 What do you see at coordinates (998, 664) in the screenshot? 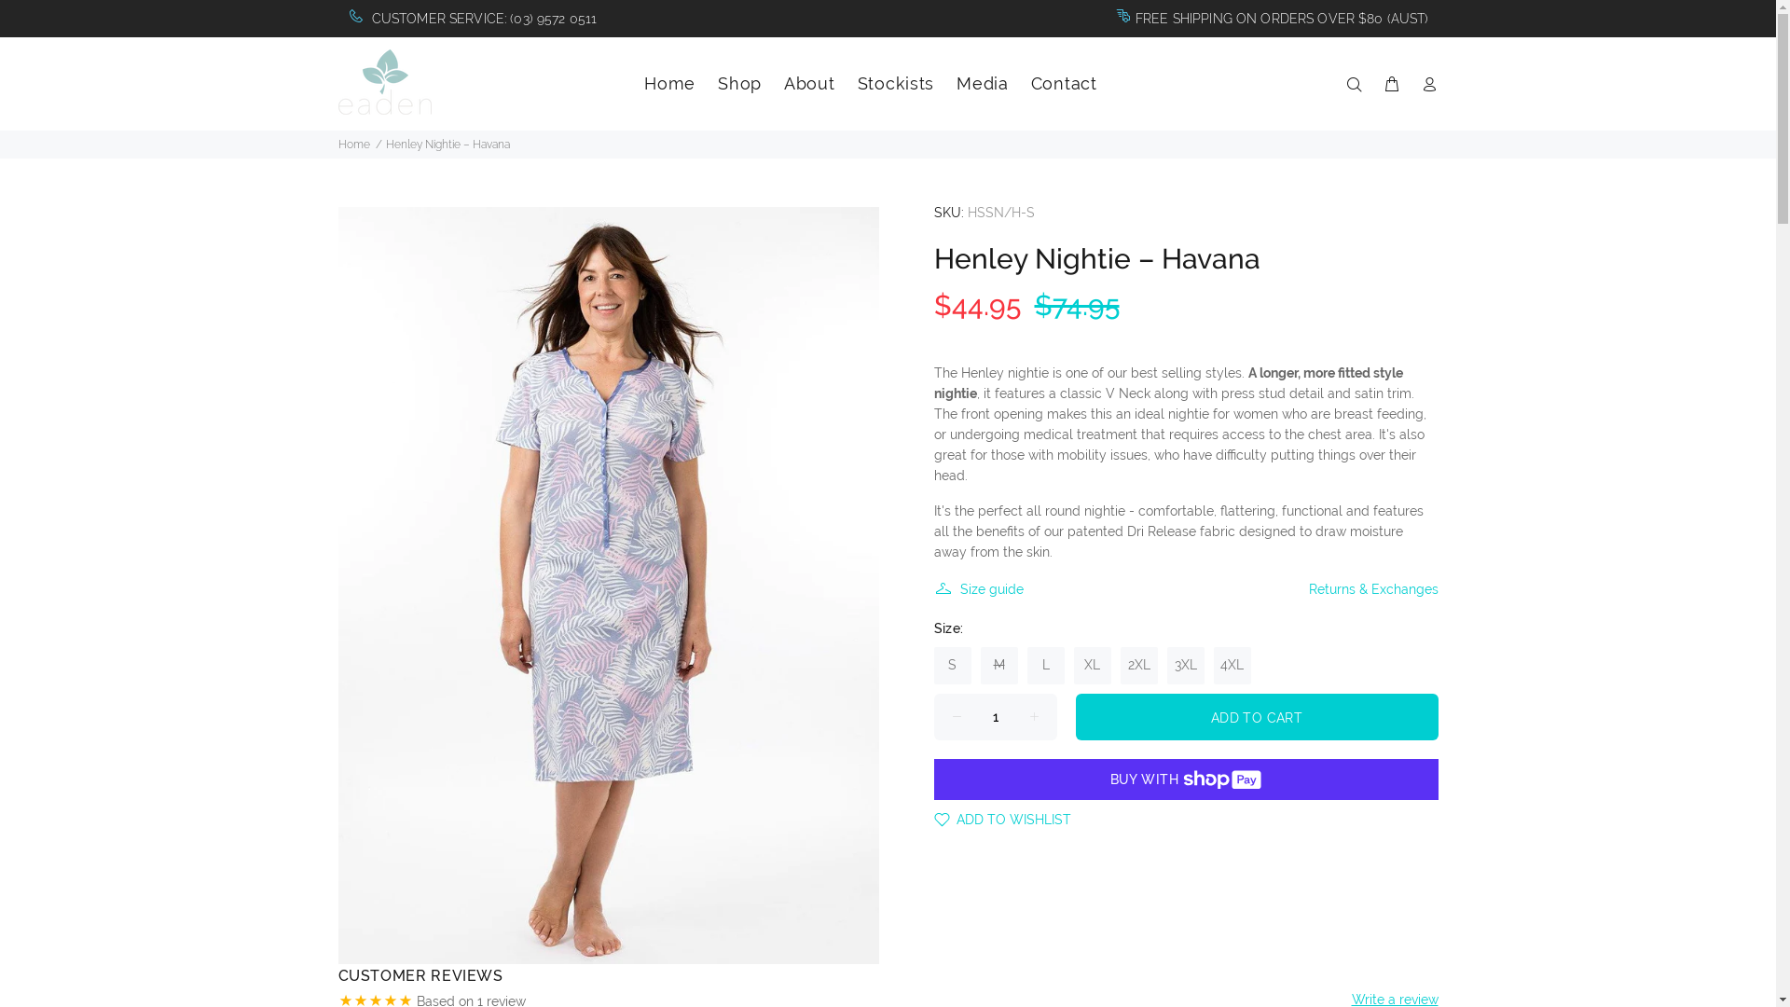
I see `'M'` at bounding box center [998, 664].